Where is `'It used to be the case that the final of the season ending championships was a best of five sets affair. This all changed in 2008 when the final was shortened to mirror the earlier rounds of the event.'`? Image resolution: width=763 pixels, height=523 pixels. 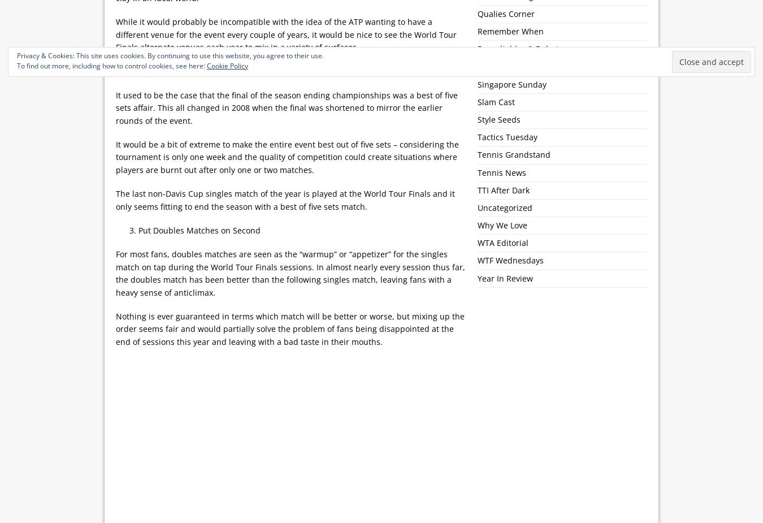 'It used to be the case that the final of the season ending championships was a best of five sets affair. This all changed in 2008 when the final was shortened to mirror the earlier rounds of the event.' is located at coordinates (286, 106).